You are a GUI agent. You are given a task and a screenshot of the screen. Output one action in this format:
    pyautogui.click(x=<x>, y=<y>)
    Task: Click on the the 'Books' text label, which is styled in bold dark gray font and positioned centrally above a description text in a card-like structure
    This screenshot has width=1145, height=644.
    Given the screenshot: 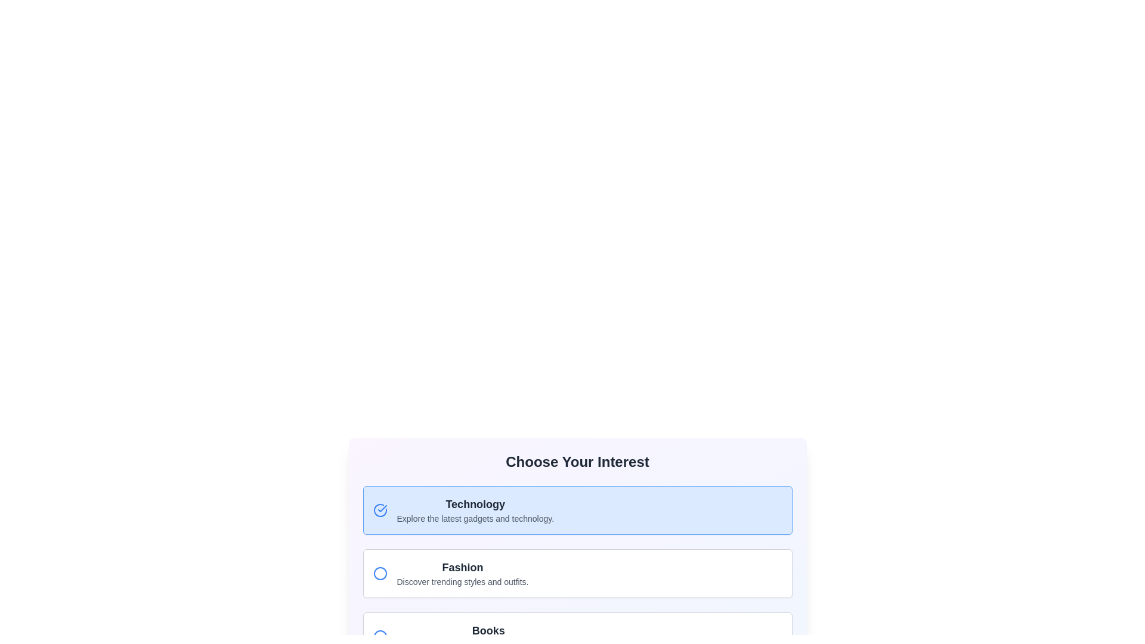 What is the action you would take?
    pyautogui.click(x=488, y=630)
    